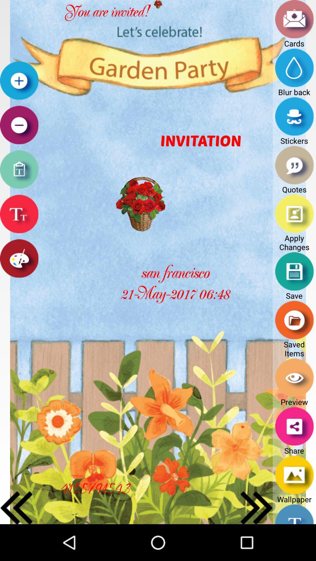 The height and width of the screenshot is (561, 316). I want to click on the font icon, so click(19, 228).